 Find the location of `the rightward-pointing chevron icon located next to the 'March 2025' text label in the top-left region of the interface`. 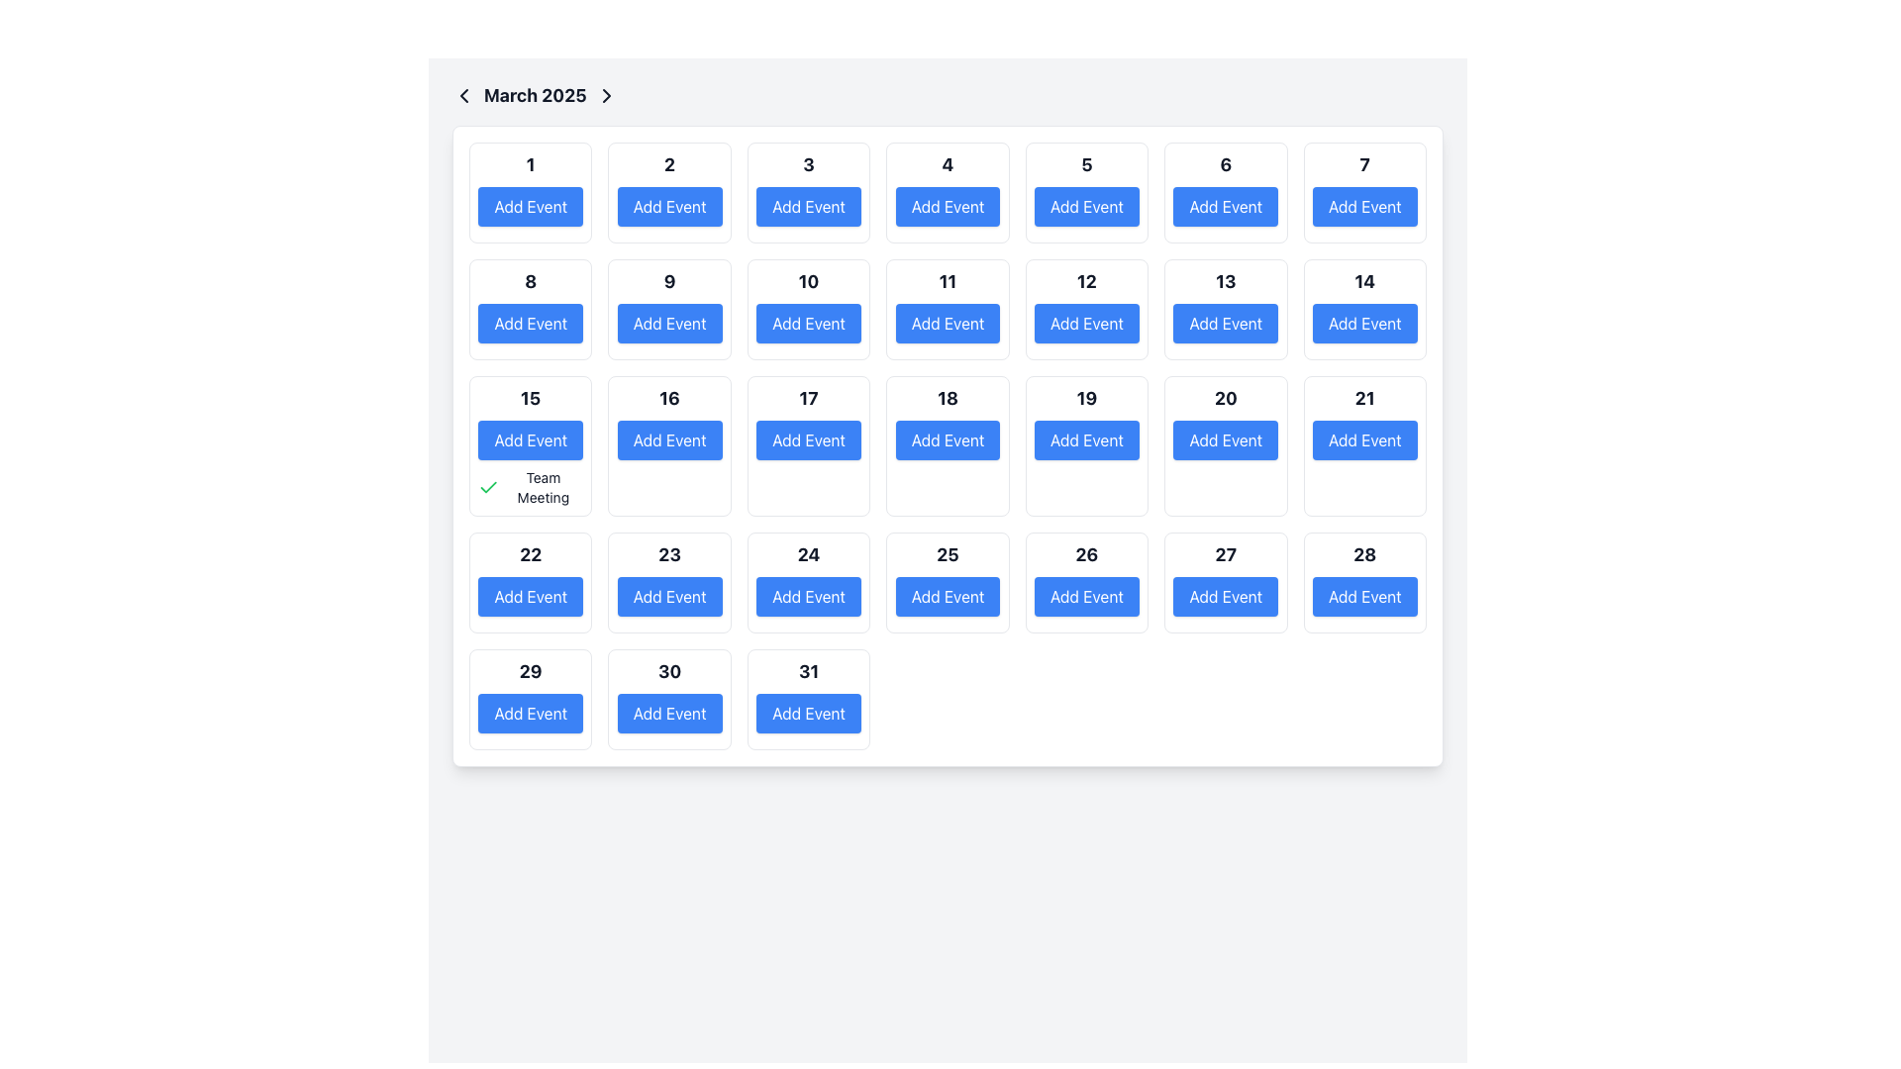

the rightward-pointing chevron icon located next to the 'March 2025' text label in the top-left region of the interface is located at coordinates (605, 95).